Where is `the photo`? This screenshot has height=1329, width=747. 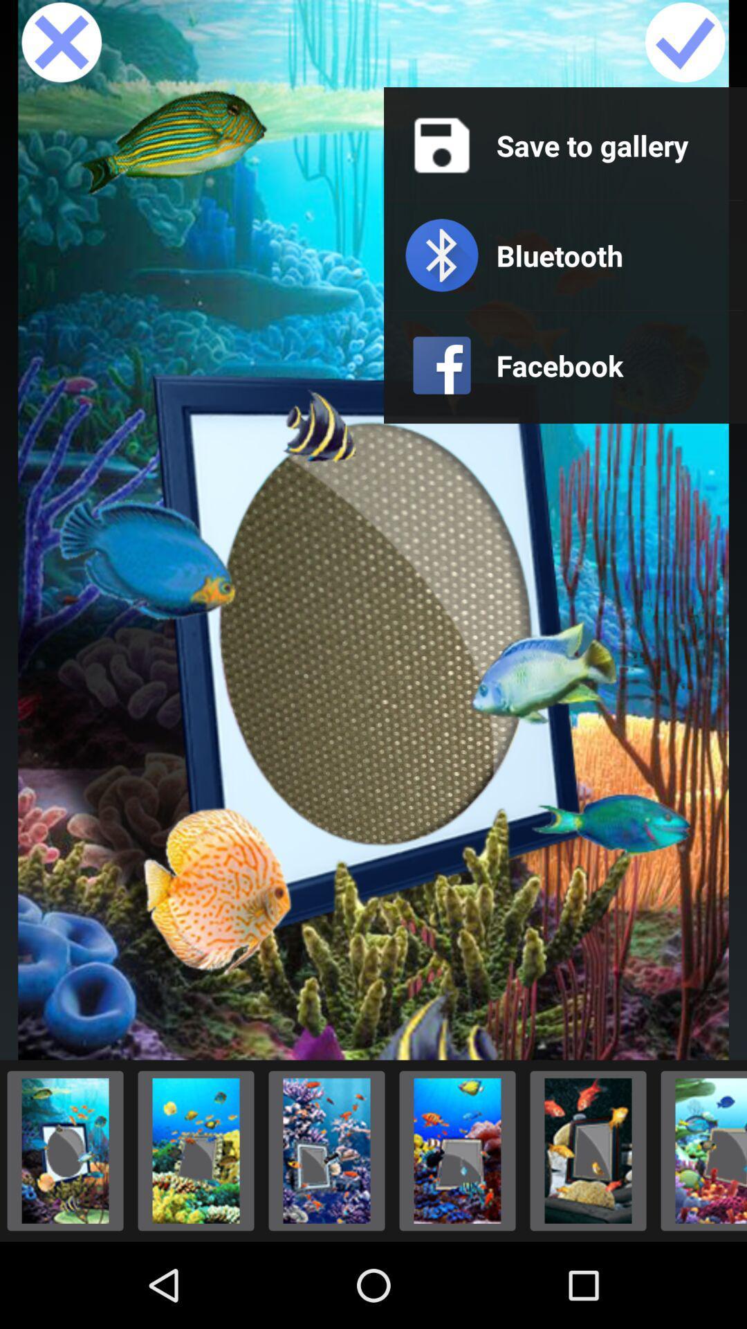 the photo is located at coordinates (457, 1150).